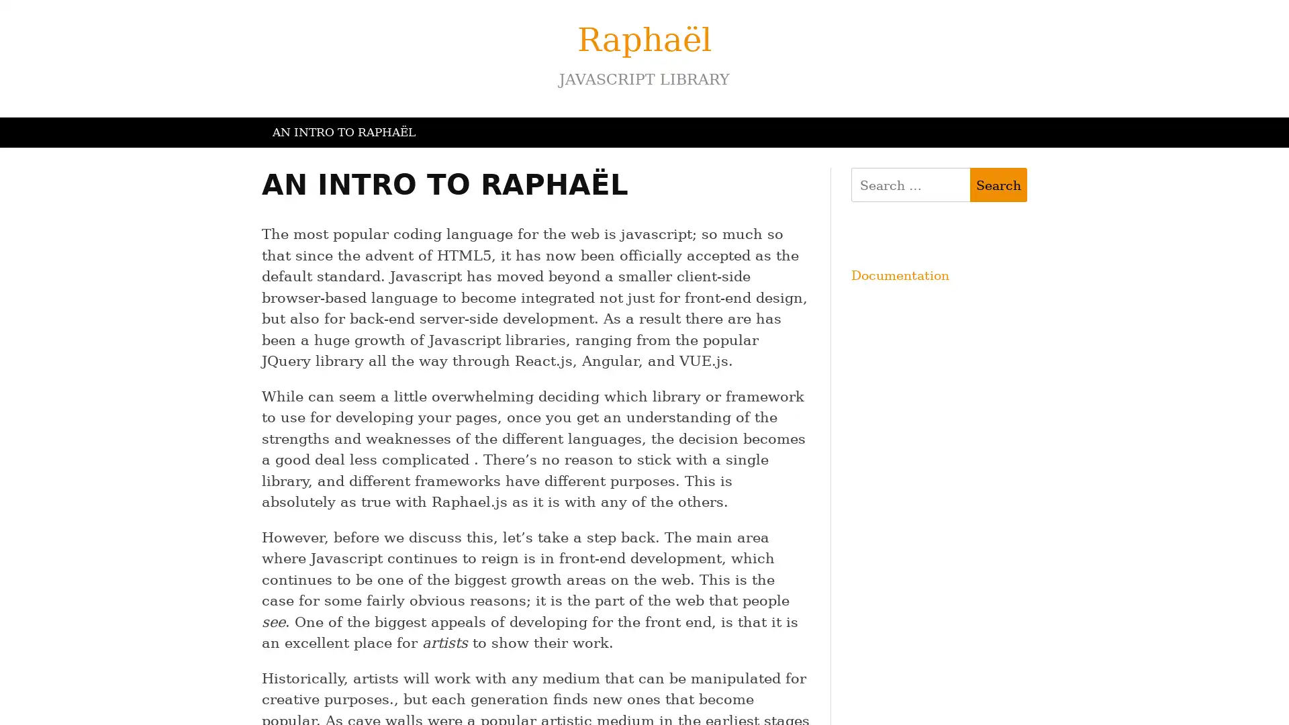  I want to click on Search, so click(998, 185).